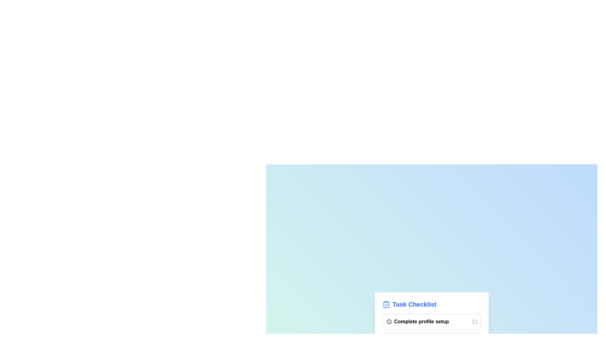 This screenshot has height=340, width=606. Describe the element at coordinates (431, 322) in the screenshot. I see `the first task item in the 'Task Checklist' which includes an alert and a checkbox` at that location.